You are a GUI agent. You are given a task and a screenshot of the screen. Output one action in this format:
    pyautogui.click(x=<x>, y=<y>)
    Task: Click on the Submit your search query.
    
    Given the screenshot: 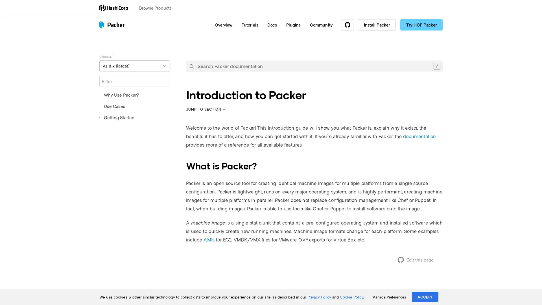 What is the action you would take?
    pyautogui.click(x=191, y=66)
    